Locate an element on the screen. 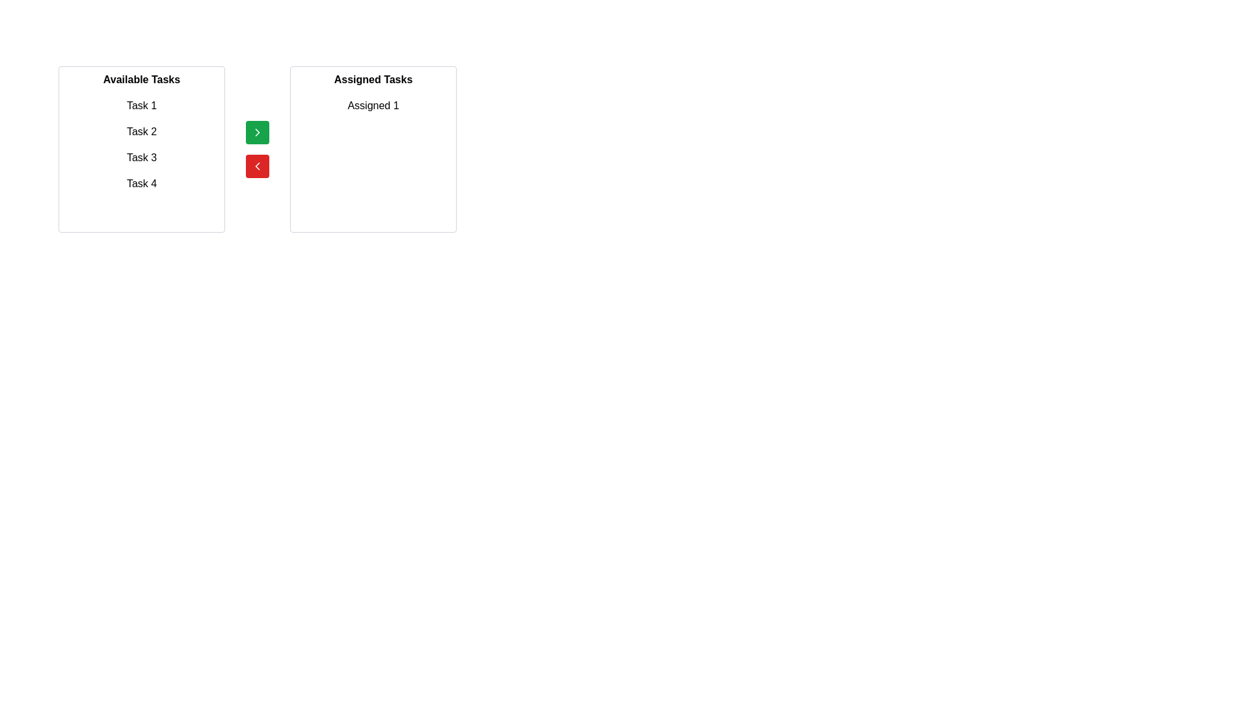 This screenshot has height=702, width=1249. the bold, center-aligned title text label 'Available Tasks' located at the top of the left card is located at coordinates (141, 80).